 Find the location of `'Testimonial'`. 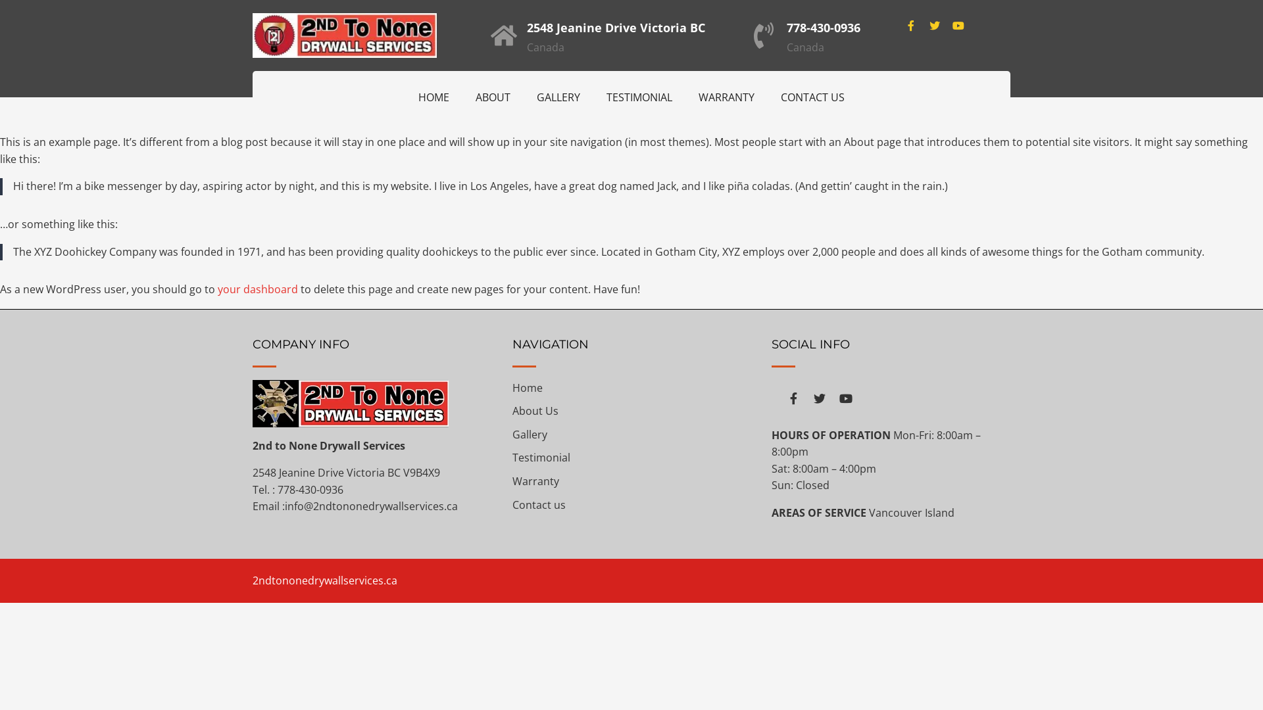

'Testimonial' is located at coordinates (541, 456).